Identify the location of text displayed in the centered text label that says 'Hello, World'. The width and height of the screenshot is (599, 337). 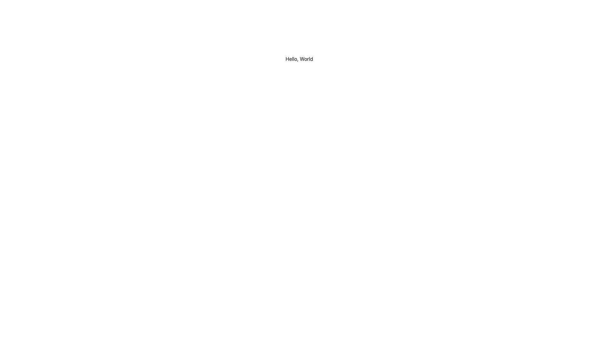
(299, 59).